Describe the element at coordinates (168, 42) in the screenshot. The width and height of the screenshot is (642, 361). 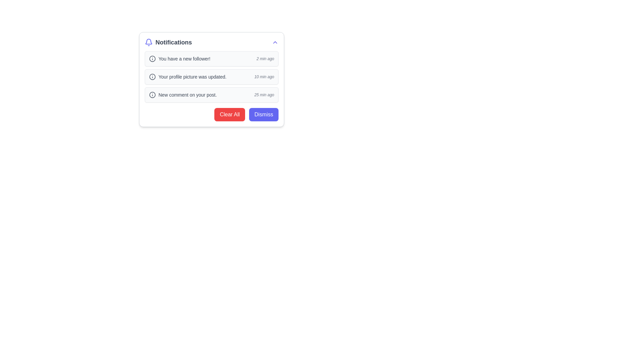
I see `the header label for the notifications section, which is located to the right of a small indigo-colored bell icon, indicating the purpose of the subsequent content` at that location.